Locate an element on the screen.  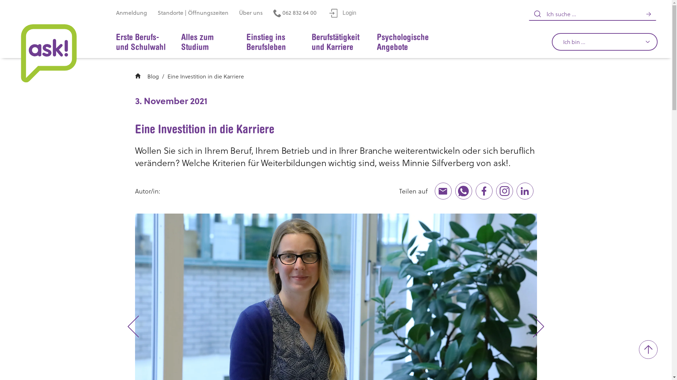
'Ich bin ...' is located at coordinates (604, 42).